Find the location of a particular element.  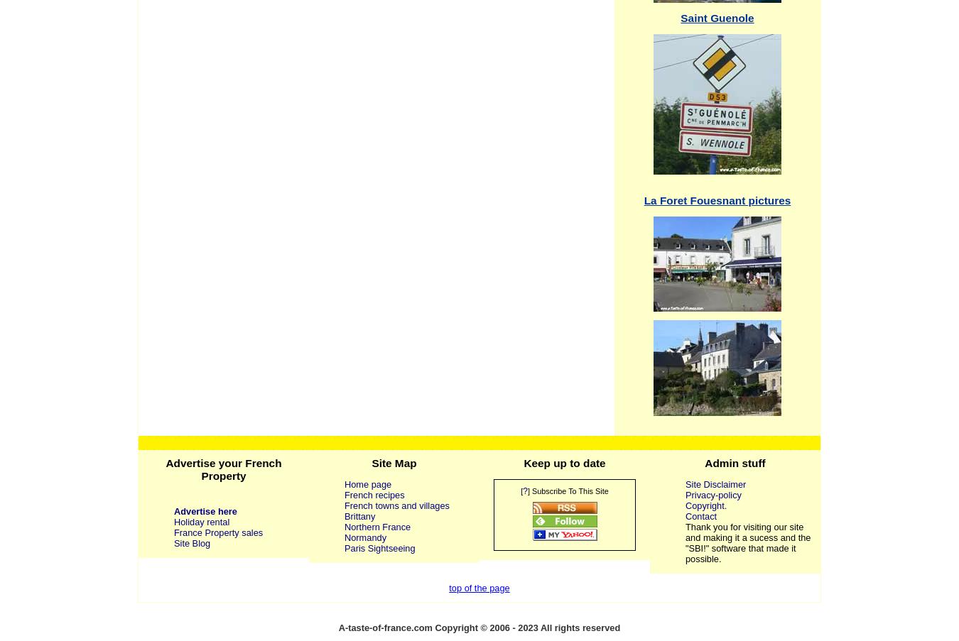

'Admin stuff' is located at coordinates (735, 462).